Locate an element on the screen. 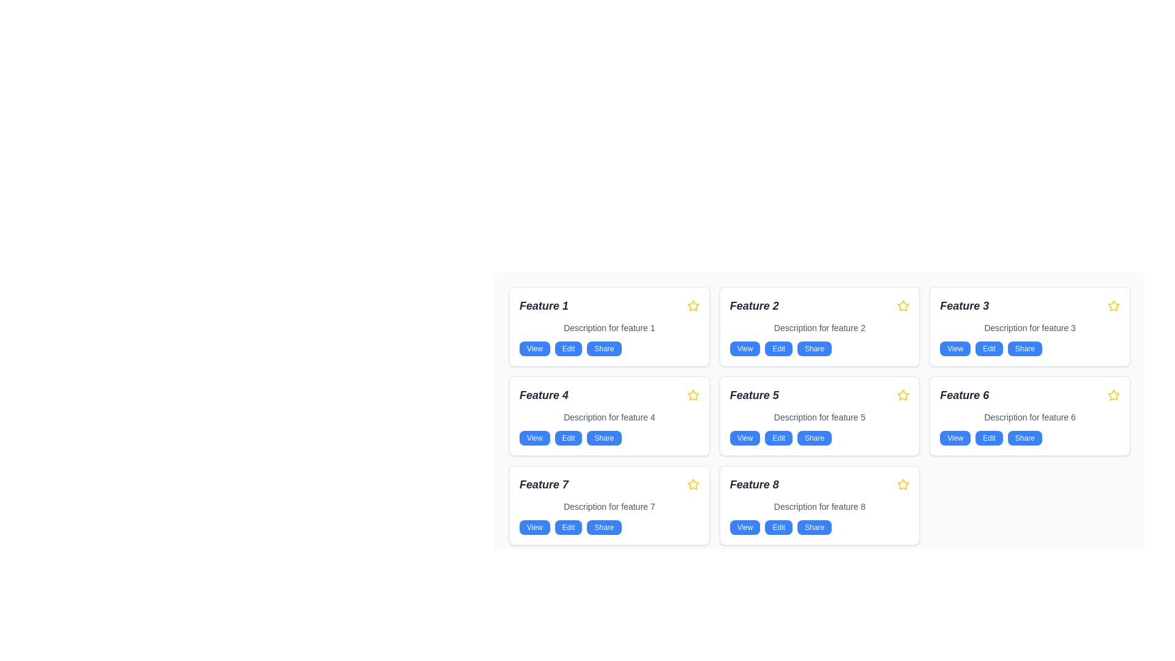 The width and height of the screenshot is (1175, 661). the 'Share' button located in the lower right section of the 'Feature 5' card is located at coordinates (815, 438).